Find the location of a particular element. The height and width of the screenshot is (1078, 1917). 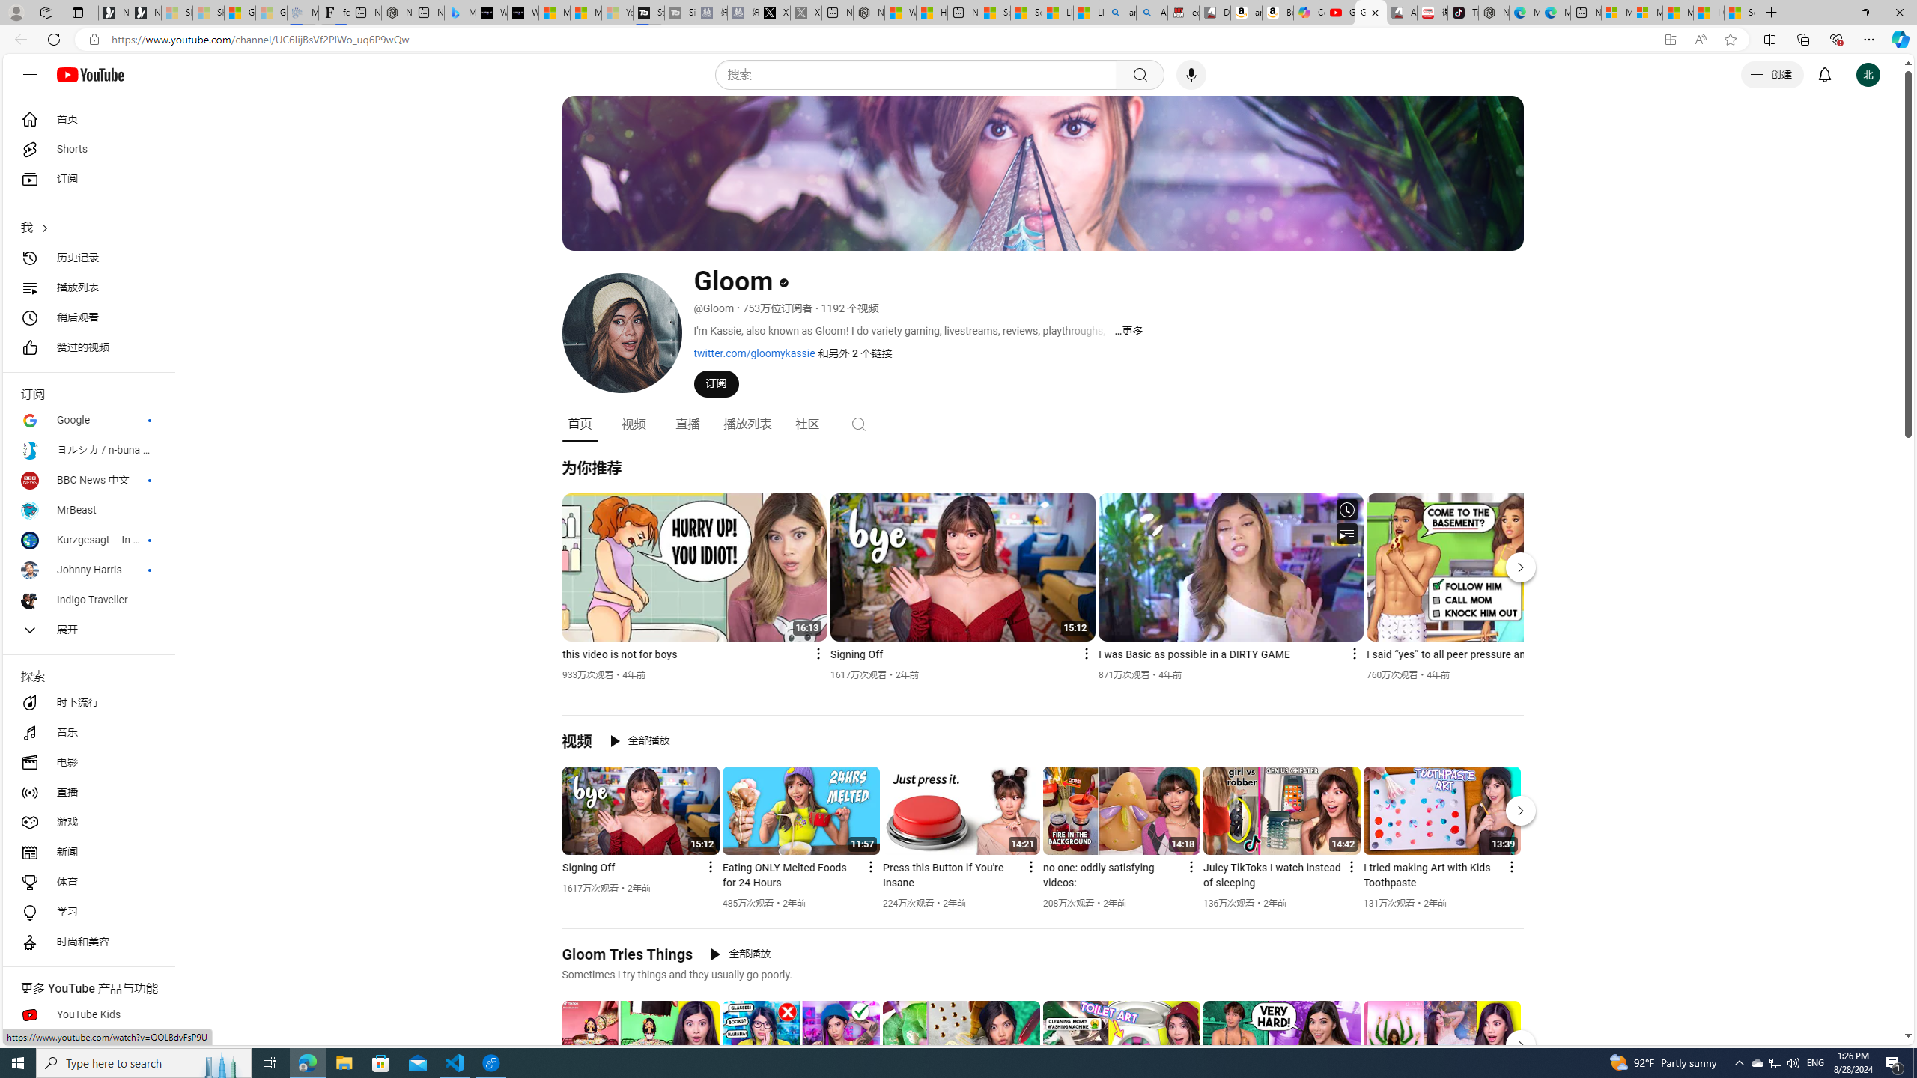

'Gloom - YouTube' is located at coordinates (1370, 12).